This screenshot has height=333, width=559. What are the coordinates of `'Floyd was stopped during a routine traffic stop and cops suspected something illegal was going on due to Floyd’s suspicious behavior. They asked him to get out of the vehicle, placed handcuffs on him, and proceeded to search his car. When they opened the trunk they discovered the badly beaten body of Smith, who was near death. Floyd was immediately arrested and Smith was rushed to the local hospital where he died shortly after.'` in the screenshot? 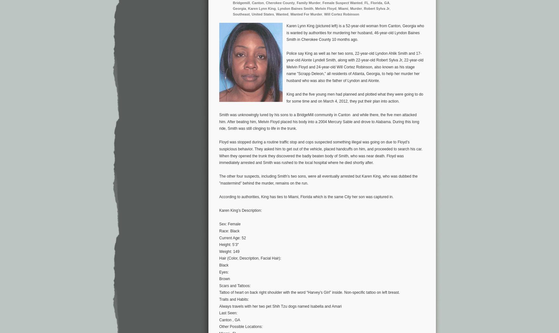 It's located at (219, 152).